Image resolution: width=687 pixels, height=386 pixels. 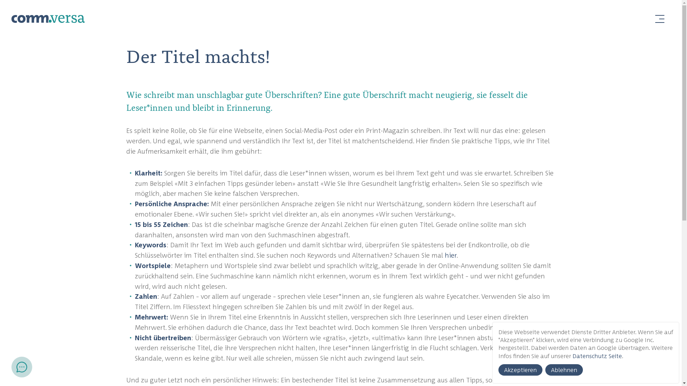 I want to click on 'Datenschutz Seite', so click(x=597, y=356).